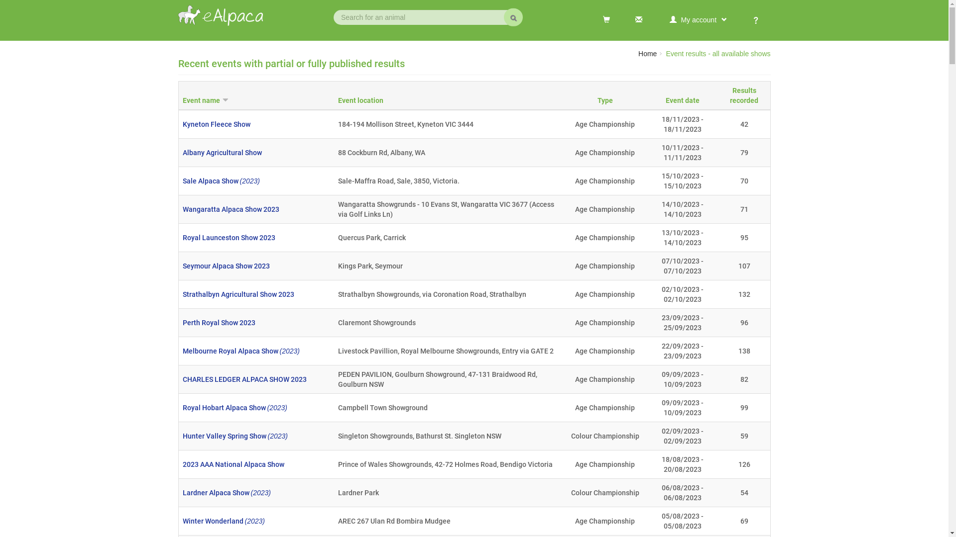 The width and height of the screenshot is (956, 537). I want to click on 'Albany Agricultural Show', so click(221, 153).